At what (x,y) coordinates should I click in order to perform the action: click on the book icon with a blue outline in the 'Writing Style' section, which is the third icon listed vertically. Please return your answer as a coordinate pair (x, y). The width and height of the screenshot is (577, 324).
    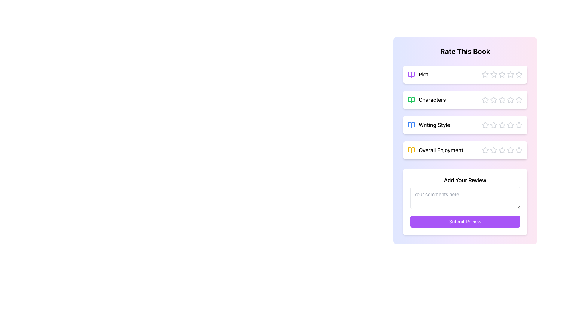
    Looking at the image, I should click on (411, 124).